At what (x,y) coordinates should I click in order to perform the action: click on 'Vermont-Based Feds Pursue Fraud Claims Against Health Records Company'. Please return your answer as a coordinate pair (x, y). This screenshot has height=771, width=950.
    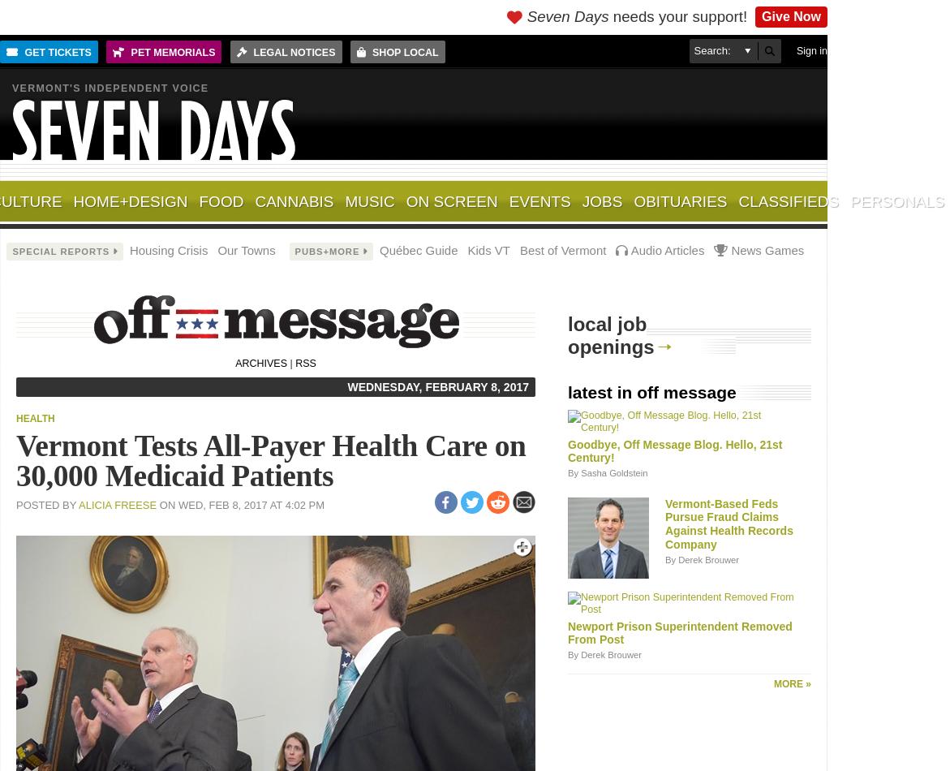
    Looking at the image, I should click on (665, 523).